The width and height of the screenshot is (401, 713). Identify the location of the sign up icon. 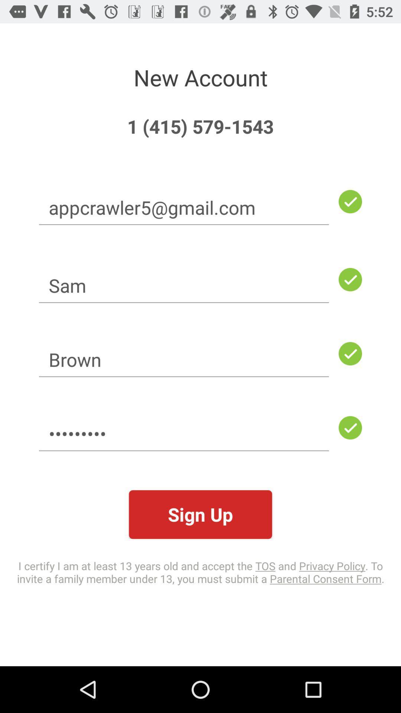
(200, 514).